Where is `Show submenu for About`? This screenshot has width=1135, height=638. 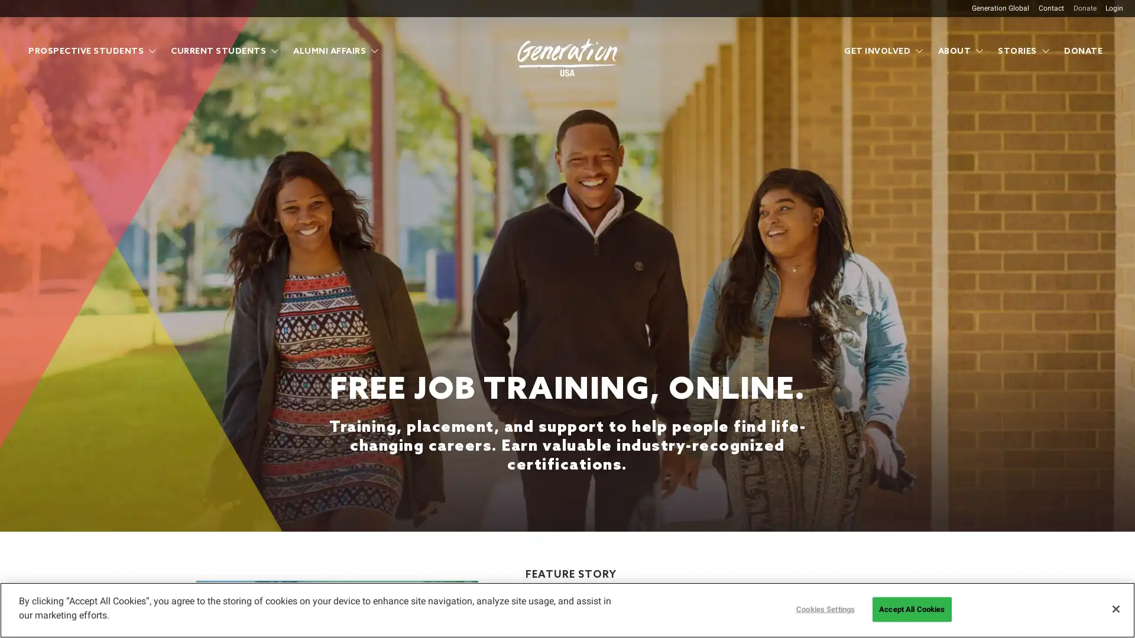
Show submenu for About is located at coordinates (979, 50).